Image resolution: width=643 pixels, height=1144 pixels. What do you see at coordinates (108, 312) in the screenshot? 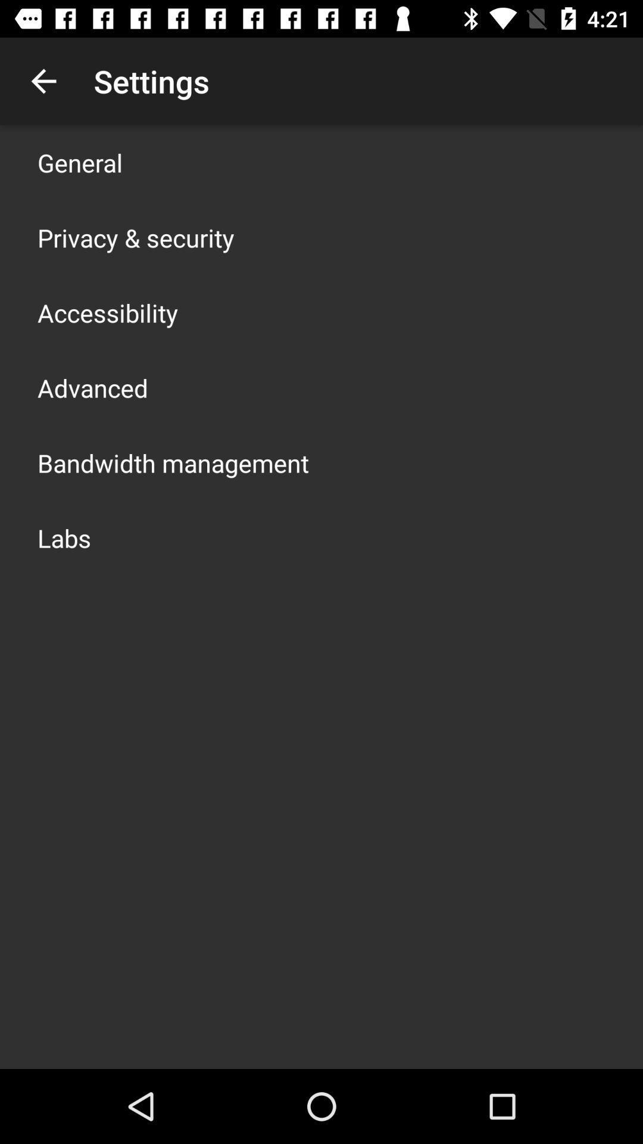
I see `app below privacy & security app` at bounding box center [108, 312].